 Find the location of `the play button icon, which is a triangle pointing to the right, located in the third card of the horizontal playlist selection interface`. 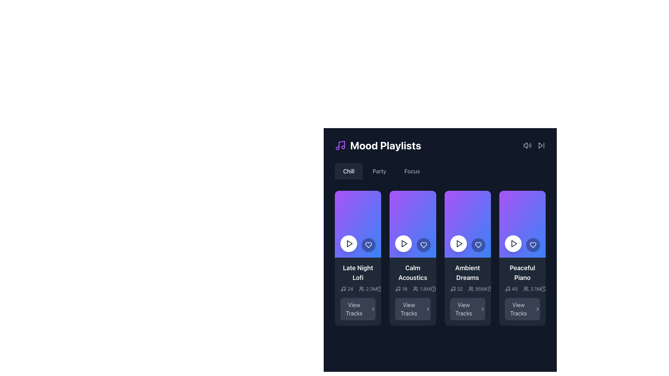

the play button icon, which is a triangle pointing to the right, located in the third card of the horizontal playlist selection interface is located at coordinates (459, 243).